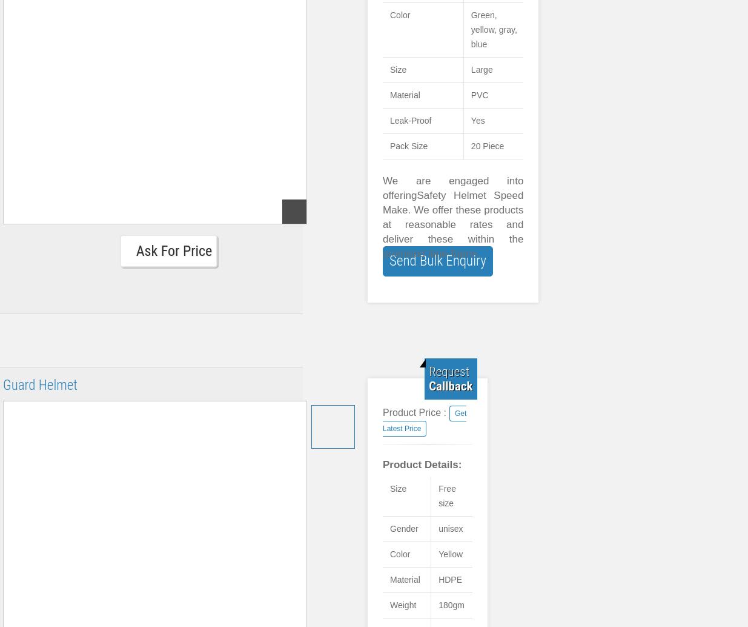  What do you see at coordinates (39, 385) in the screenshot?
I see `'Guard  Helmet'` at bounding box center [39, 385].